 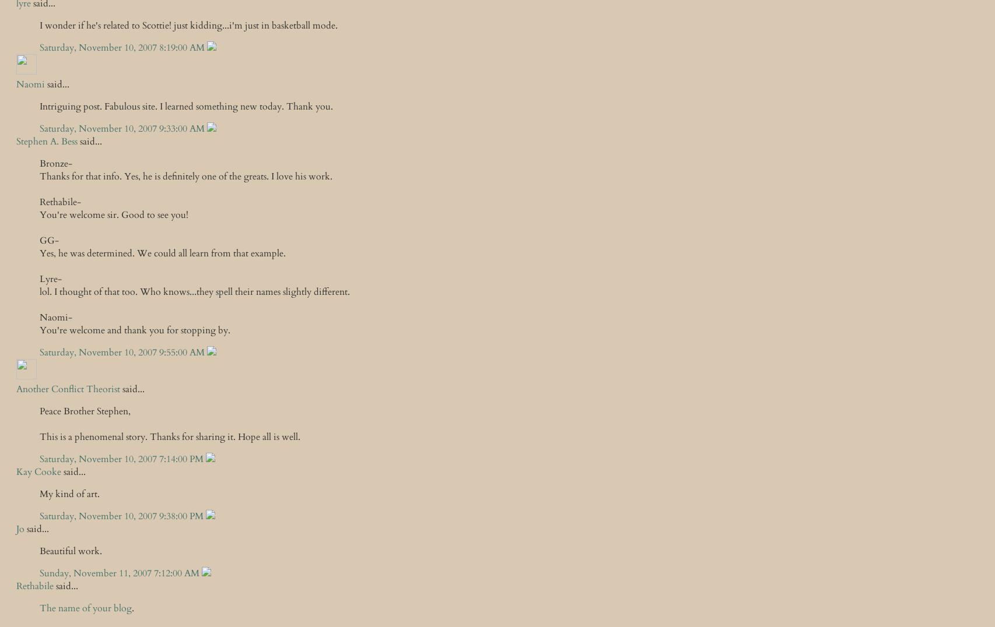 What do you see at coordinates (69, 493) in the screenshot?
I see `'My kind of art.'` at bounding box center [69, 493].